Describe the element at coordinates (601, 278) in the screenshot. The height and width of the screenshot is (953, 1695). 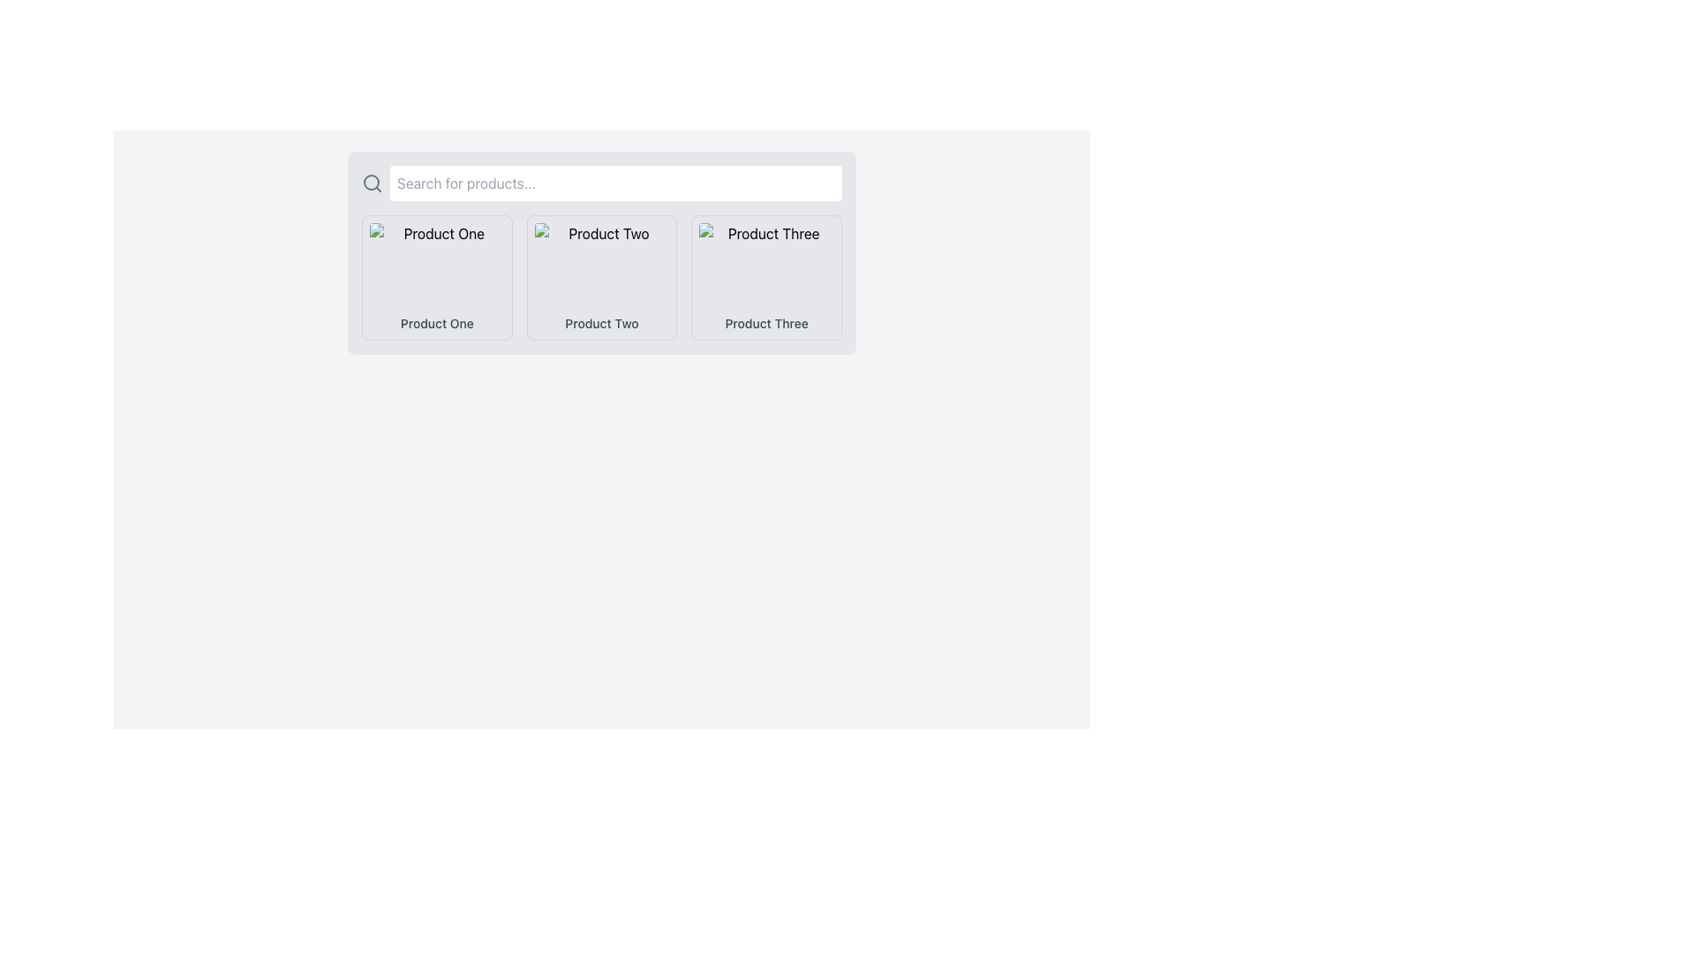
I see `the card labeled 'Product Two' in the grid layout` at that location.